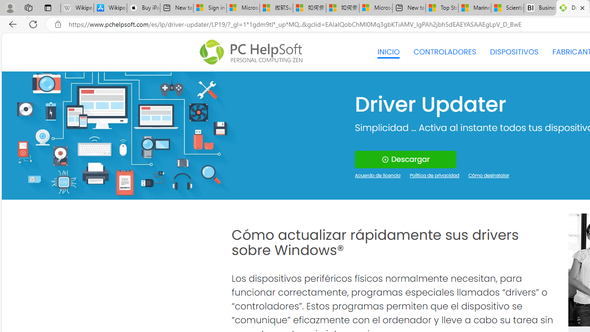 The width and height of the screenshot is (590, 332). I want to click on 'DISPOSITIVOS', so click(513, 52).